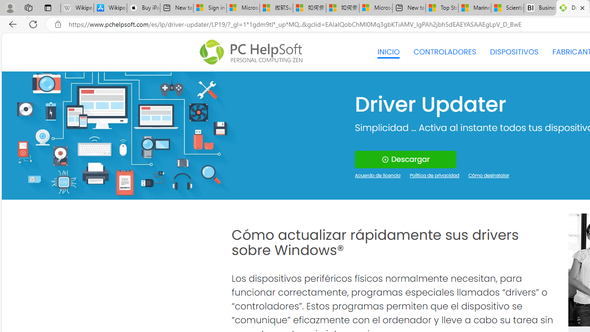 The width and height of the screenshot is (590, 332). I want to click on 'DISPOSITIVOS', so click(513, 52).